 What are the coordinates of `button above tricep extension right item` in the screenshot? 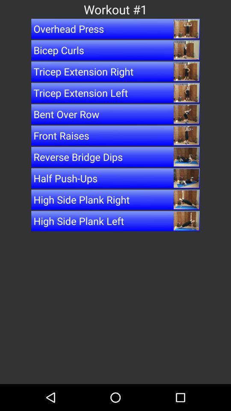 It's located at (115, 50).